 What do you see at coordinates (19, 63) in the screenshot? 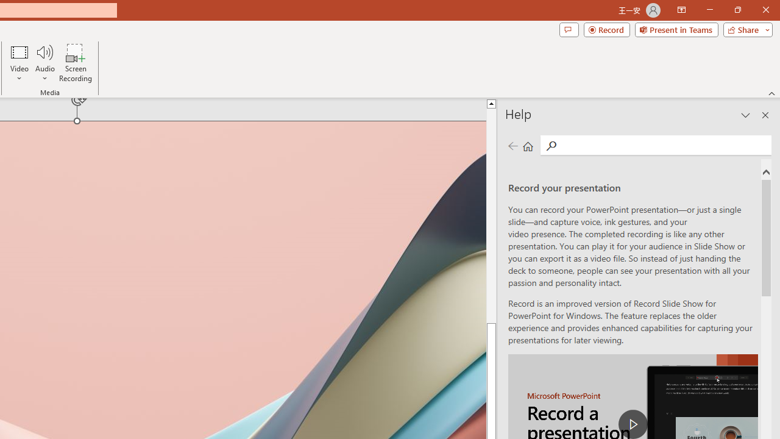
I see `'Video'` at bounding box center [19, 63].